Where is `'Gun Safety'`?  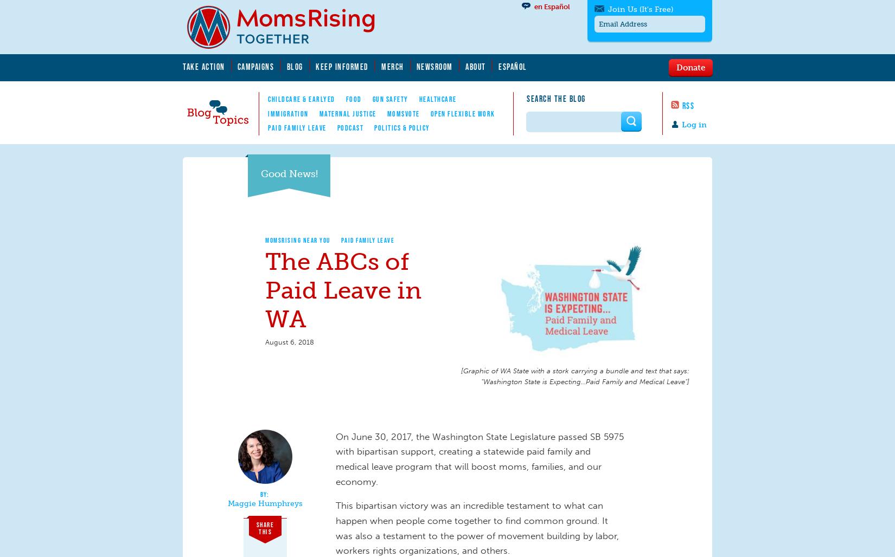
'Gun Safety' is located at coordinates (389, 99).